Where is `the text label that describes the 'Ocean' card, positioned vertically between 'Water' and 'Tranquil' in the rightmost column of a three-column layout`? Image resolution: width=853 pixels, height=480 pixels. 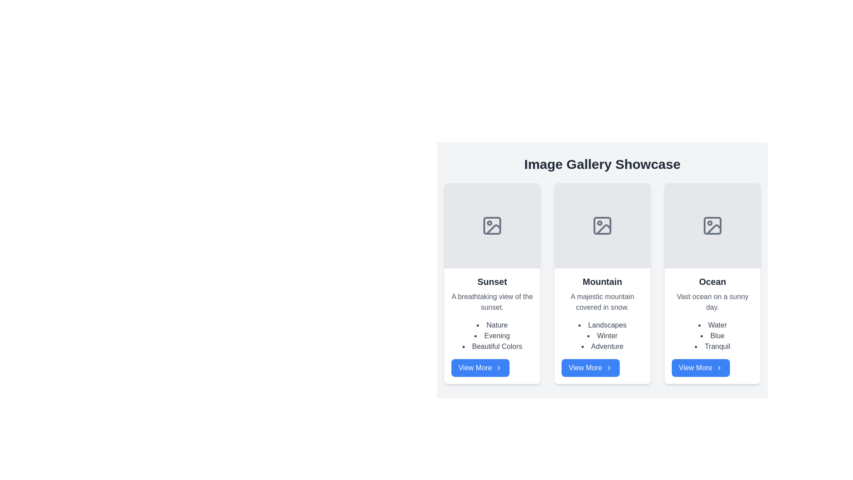
the text label that describes the 'Ocean' card, positioned vertically between 'Water' and 'Tranquil' in the rightmost column of a three-column layout is located at coordinates (712, 336).